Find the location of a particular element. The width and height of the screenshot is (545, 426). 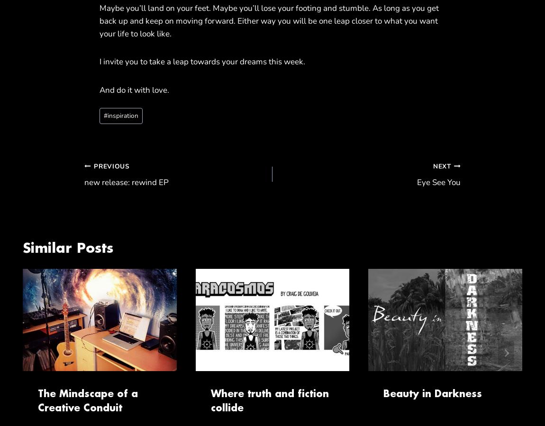

'Where truth and fiction collide' is located at coordinates (210, 400).